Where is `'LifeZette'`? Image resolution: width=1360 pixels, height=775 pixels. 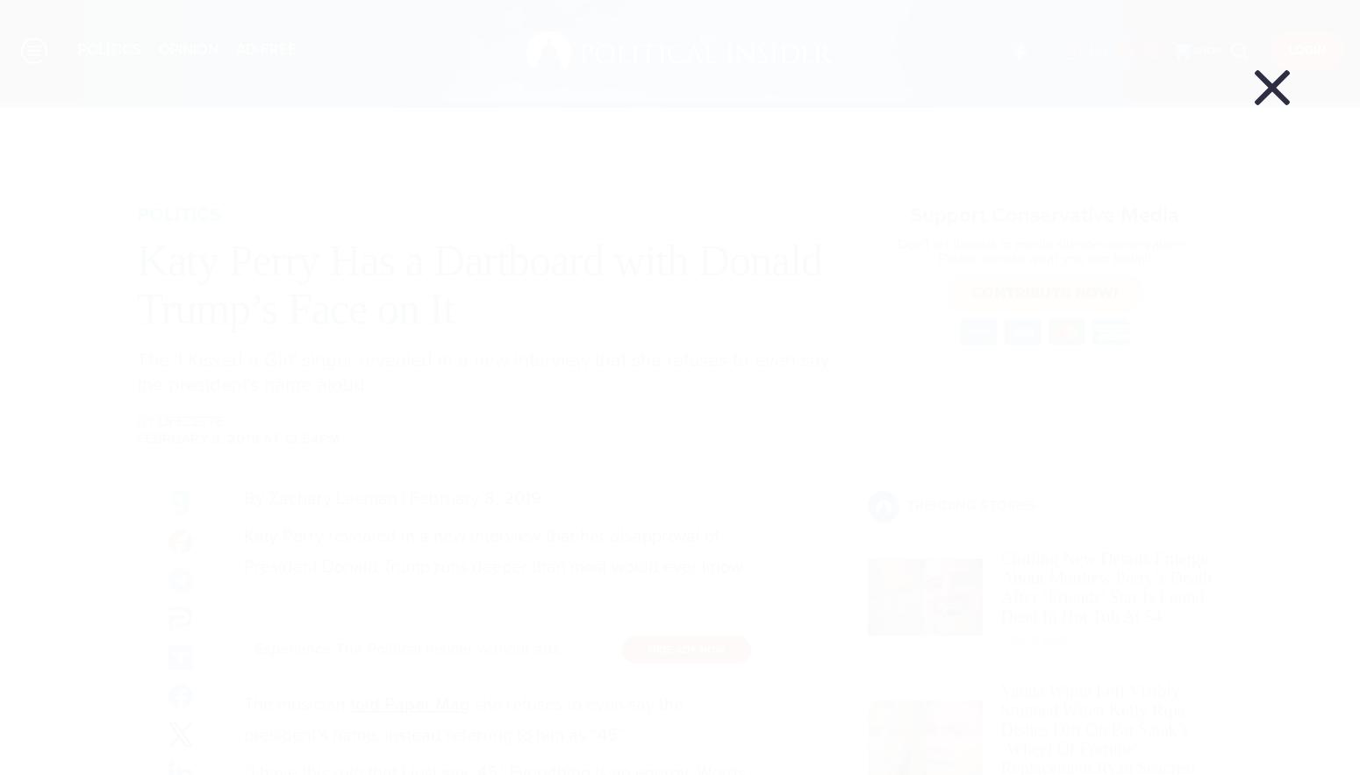
'LifeZette' is located at coordinates (189, 421).